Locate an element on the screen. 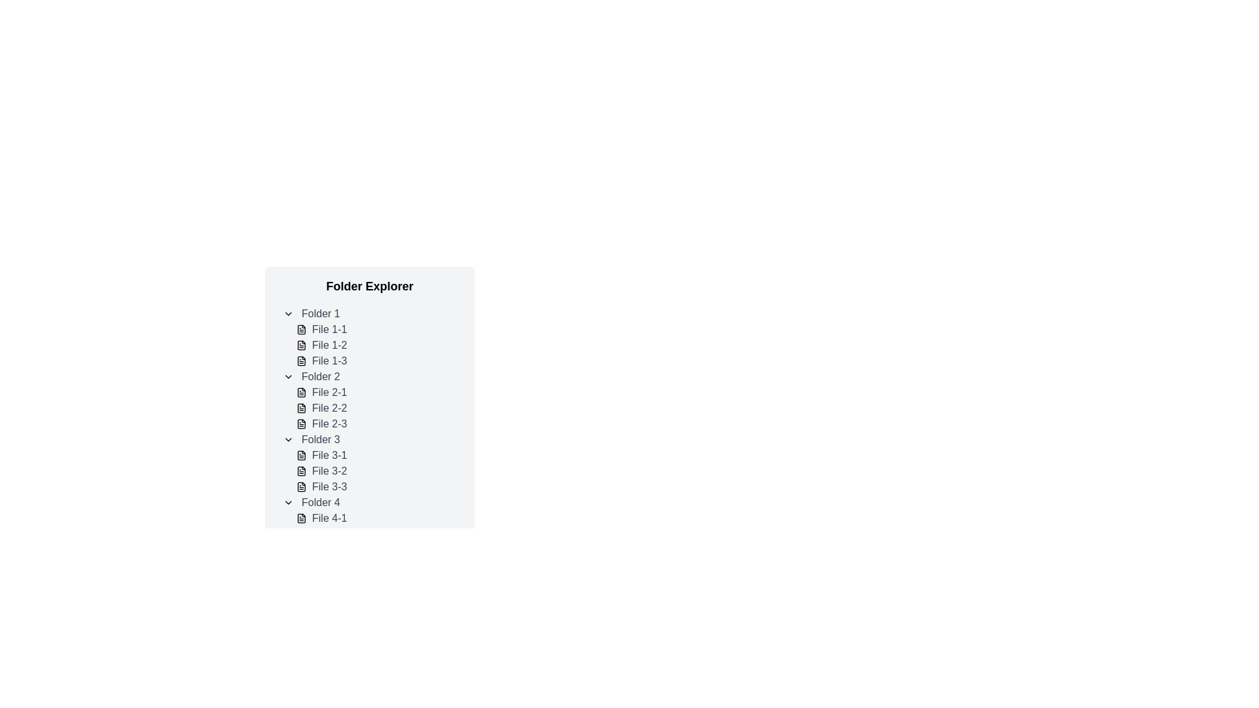 This screenshot has height=708, width=1259. the Collapsible folder section for 'Folder 2' in the file explorer tree is located at coordinates (369, 399).